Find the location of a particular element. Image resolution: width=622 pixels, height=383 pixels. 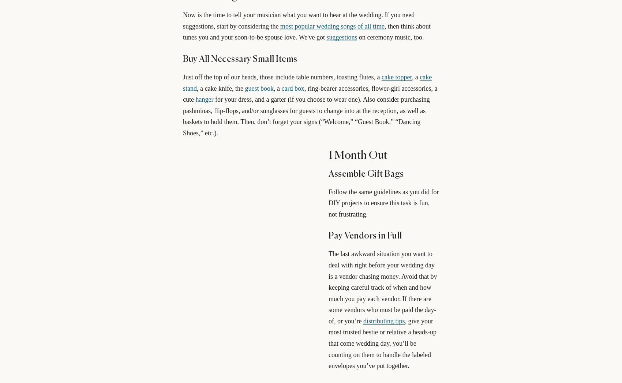

'Now is the time to tell your musician what you want to hear at the wedding. If you need suggestions, start by considering the' is located at coordinates (298, 20).